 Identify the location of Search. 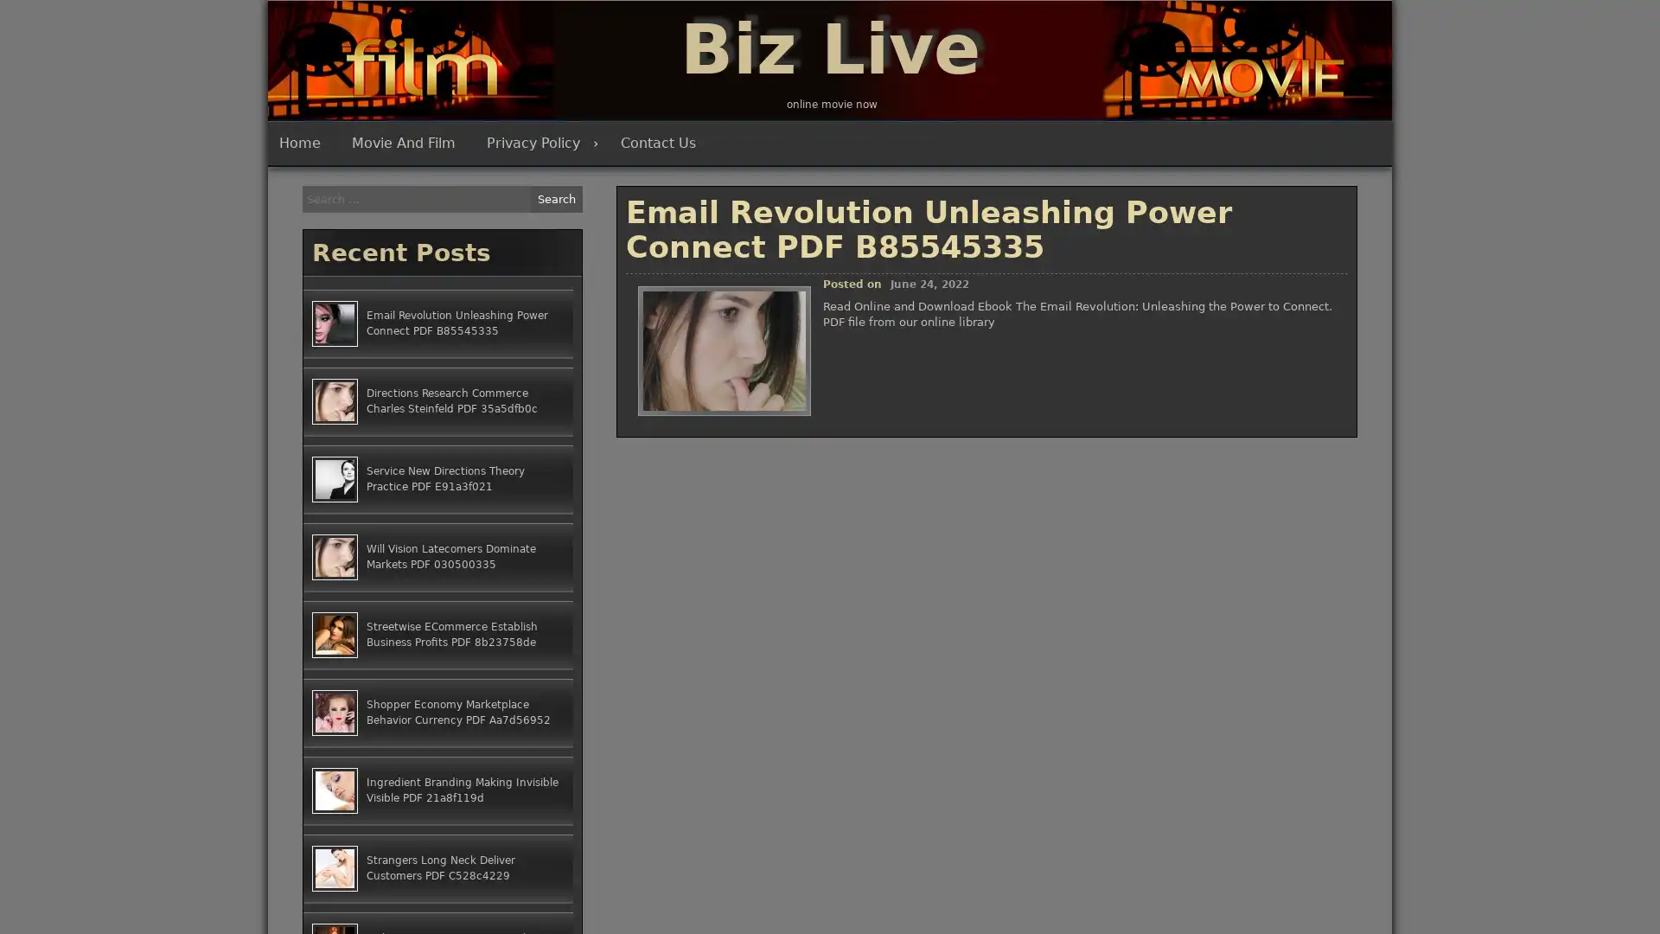
(556, 198).